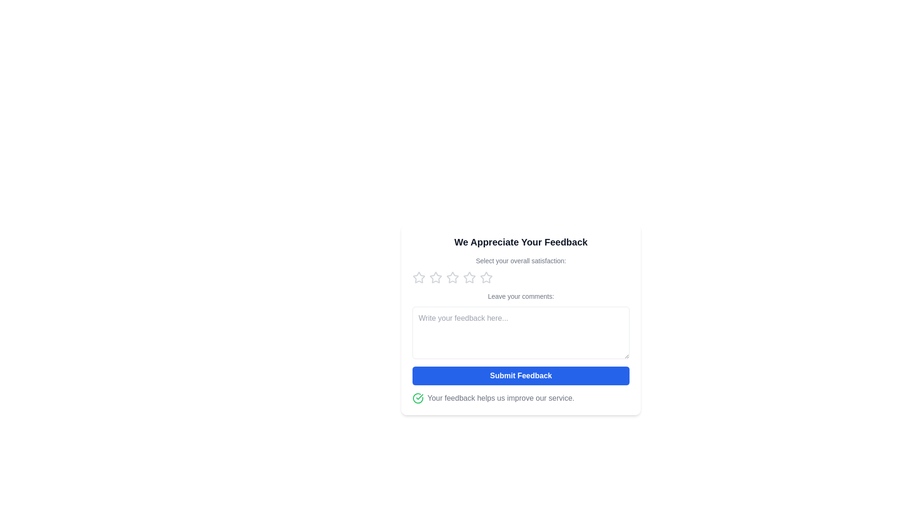 The width and height of the screenshot is (898, 505). I want to click on the Text Label at the top of the feedback form card, which indicates the intent of the form, so click(520, 241).